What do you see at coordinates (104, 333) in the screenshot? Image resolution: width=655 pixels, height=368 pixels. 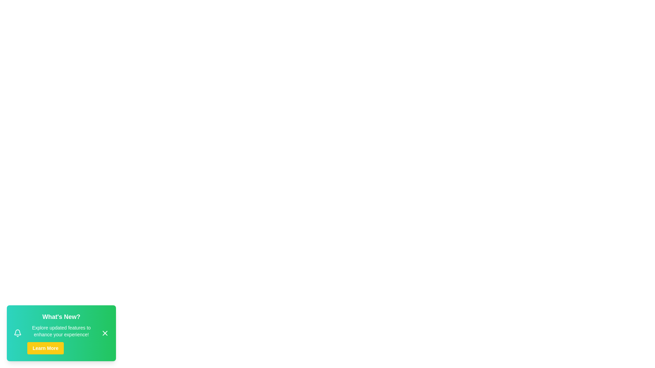 I see `the close button to observe the hover effect` at bounding box center [104, 333].